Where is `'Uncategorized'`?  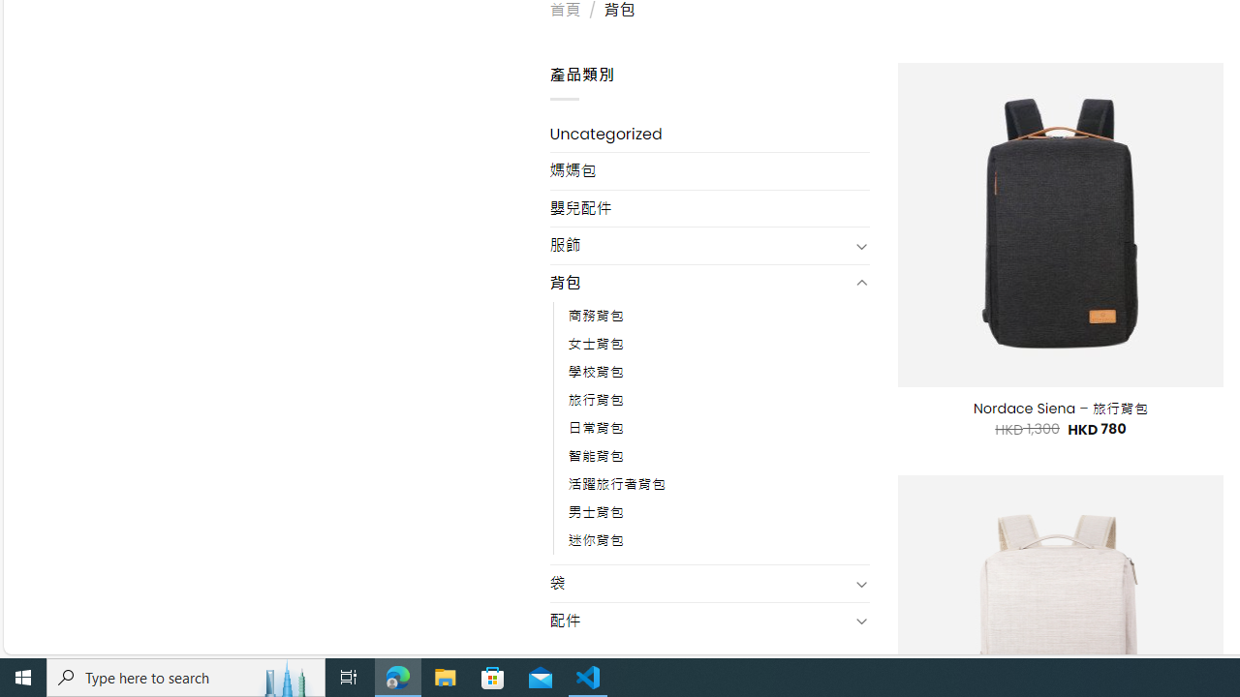 'Uncategorized' is located at coordinates (708, 133).